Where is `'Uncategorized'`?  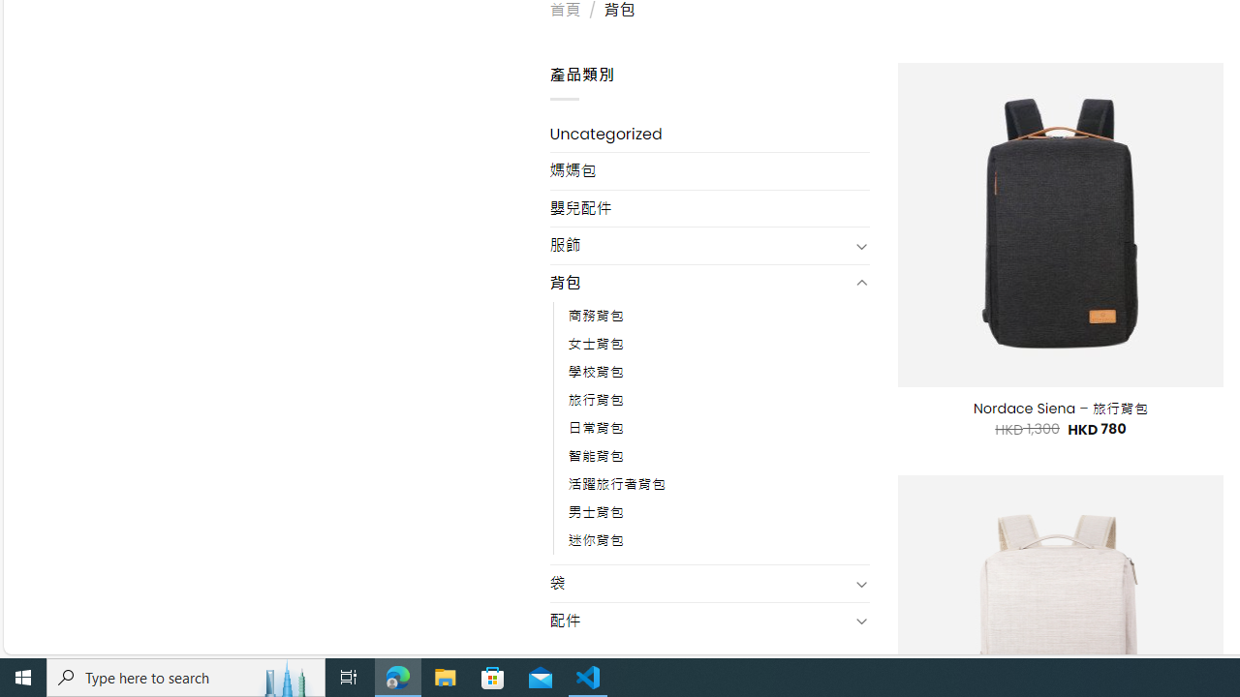 'Uncategorized' is located at coordinates (708, 133).